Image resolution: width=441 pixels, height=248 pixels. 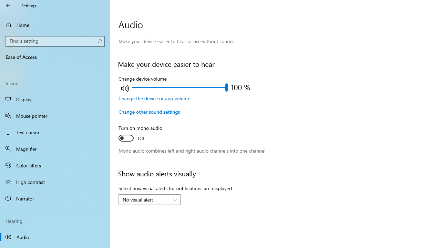 I want to click on 'Audio', so click(x=55, y=236).